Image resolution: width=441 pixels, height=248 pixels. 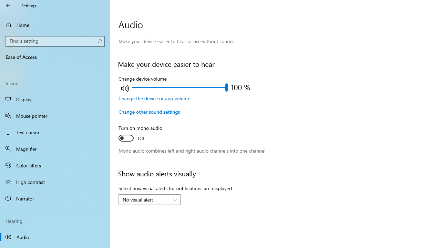 I want to click on 'Audio', so click(x=55, y=236).